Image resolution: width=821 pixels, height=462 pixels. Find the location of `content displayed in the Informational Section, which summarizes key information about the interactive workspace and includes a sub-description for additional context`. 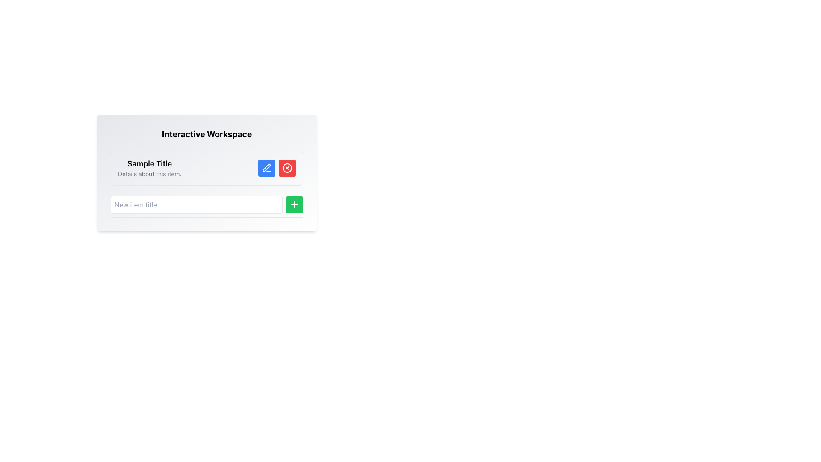

content displayed in the Informational Section, which summarizes key information about the interactive workspace and includes a sub-description for additional context is located at coordinates (207, 173).